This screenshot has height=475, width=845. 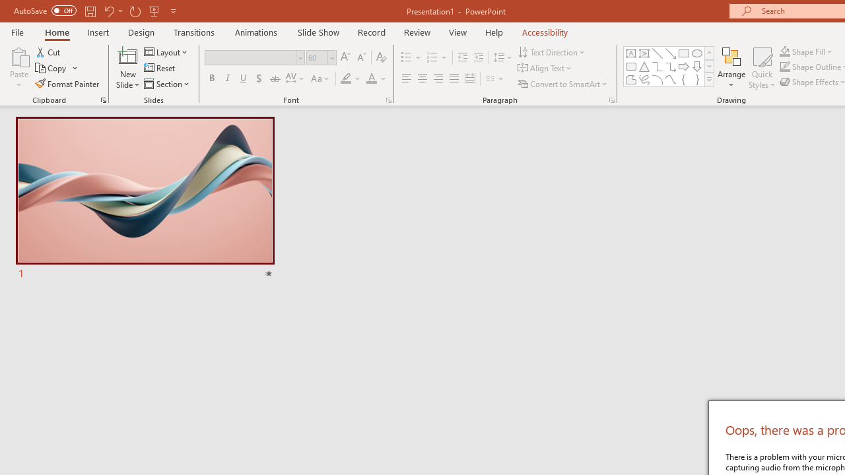 I want to click on 'Office Clipboard...', so click(x=102, y=99).